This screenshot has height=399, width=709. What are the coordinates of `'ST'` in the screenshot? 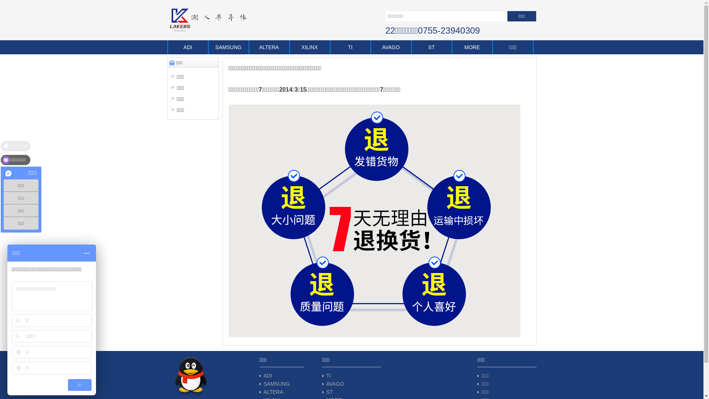 It's located at (432, 47).